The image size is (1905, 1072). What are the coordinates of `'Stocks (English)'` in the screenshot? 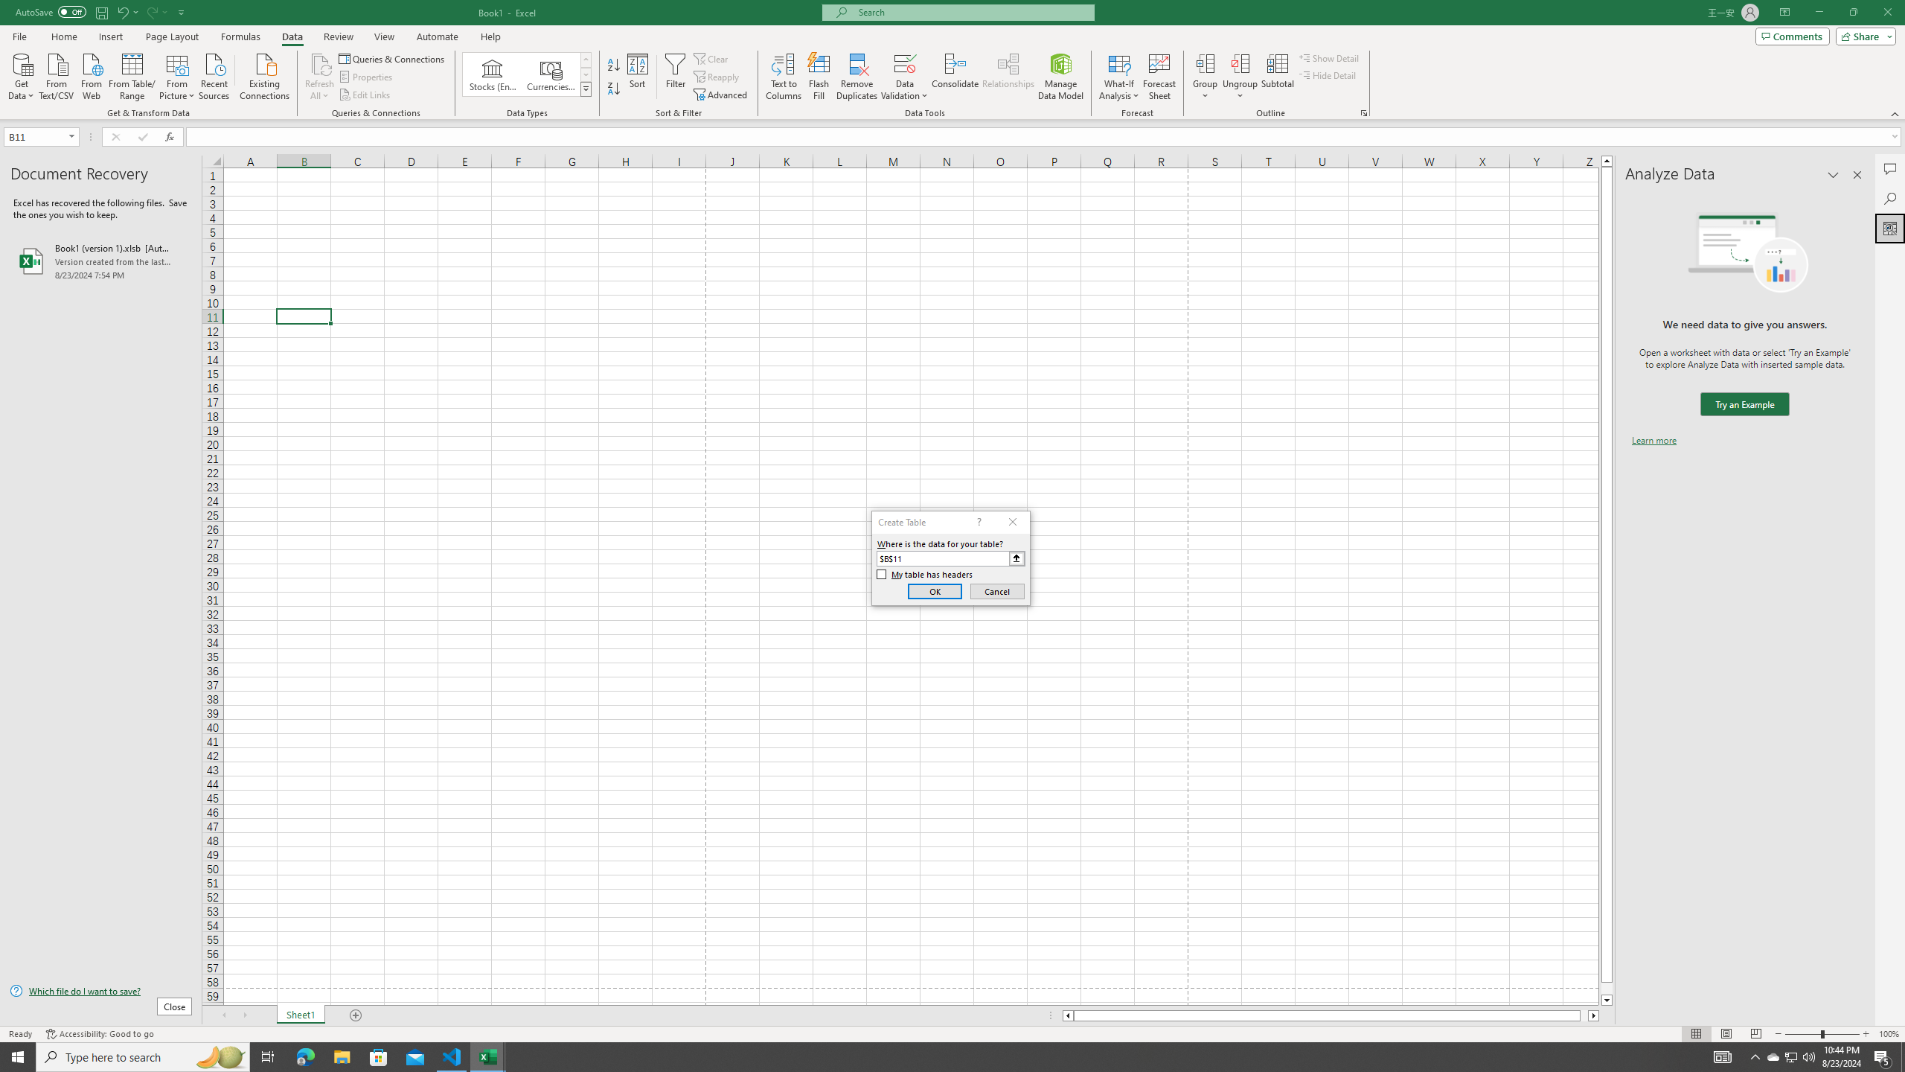 It's located at (491, 74).